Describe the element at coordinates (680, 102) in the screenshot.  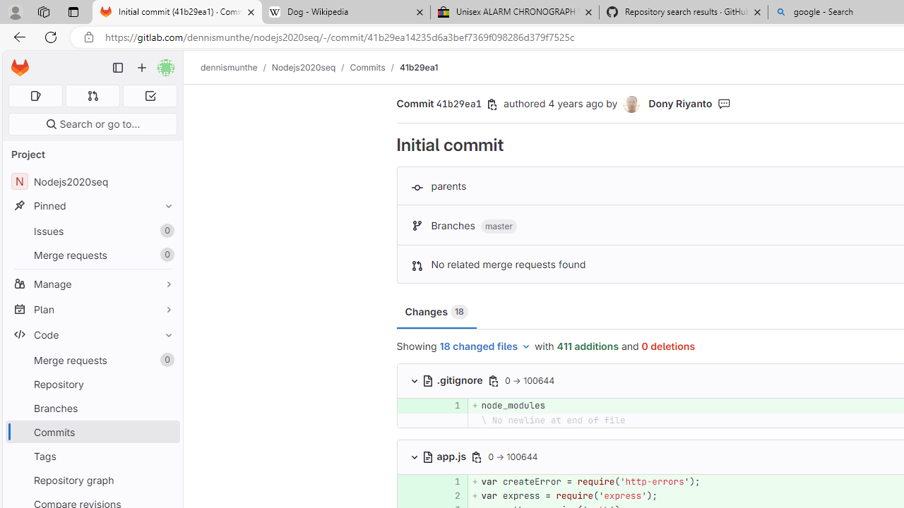
I see `'Dony Riyanto'` at that location.